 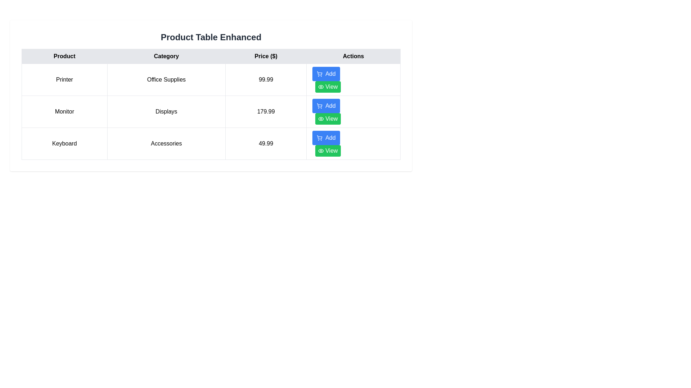 What do you see at coordinates (266, 56) in the screenshot?
I see `the Table Header Cell displaying 'Price ($)' which is styled with a gray background and is the third column header in the table layout` at bounding box center [266, 56].